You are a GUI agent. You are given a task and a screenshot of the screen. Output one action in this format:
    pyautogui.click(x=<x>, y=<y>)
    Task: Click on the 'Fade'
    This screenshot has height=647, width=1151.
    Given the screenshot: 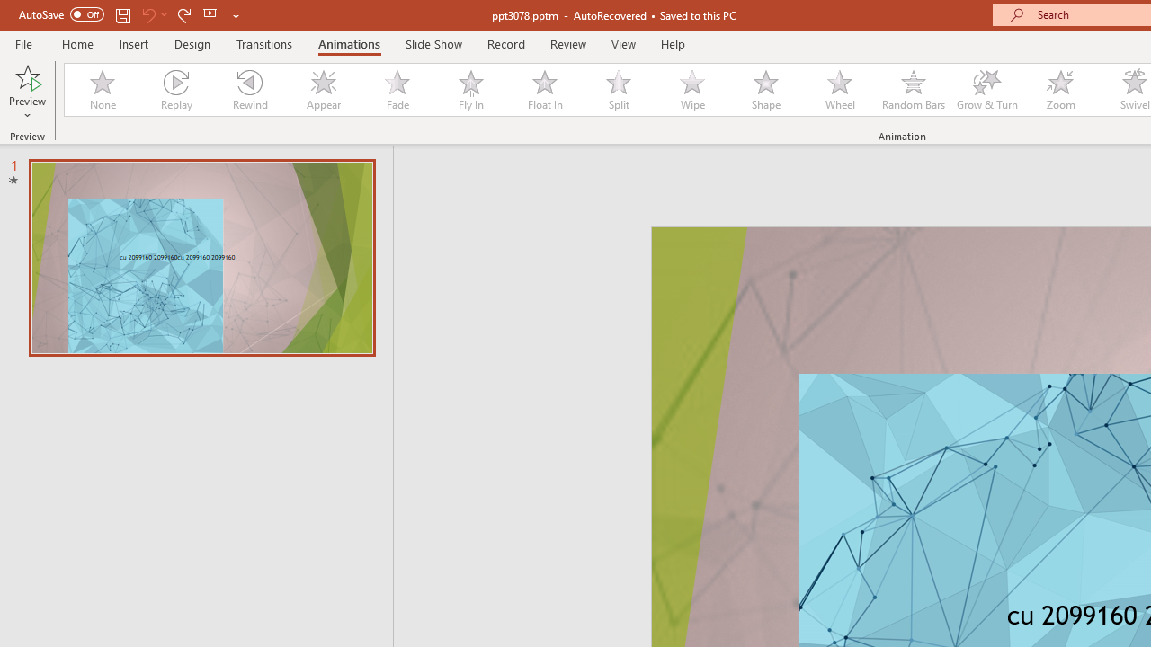 What is the action you would take?
    pyautogui.click(x=396, y=90)
    